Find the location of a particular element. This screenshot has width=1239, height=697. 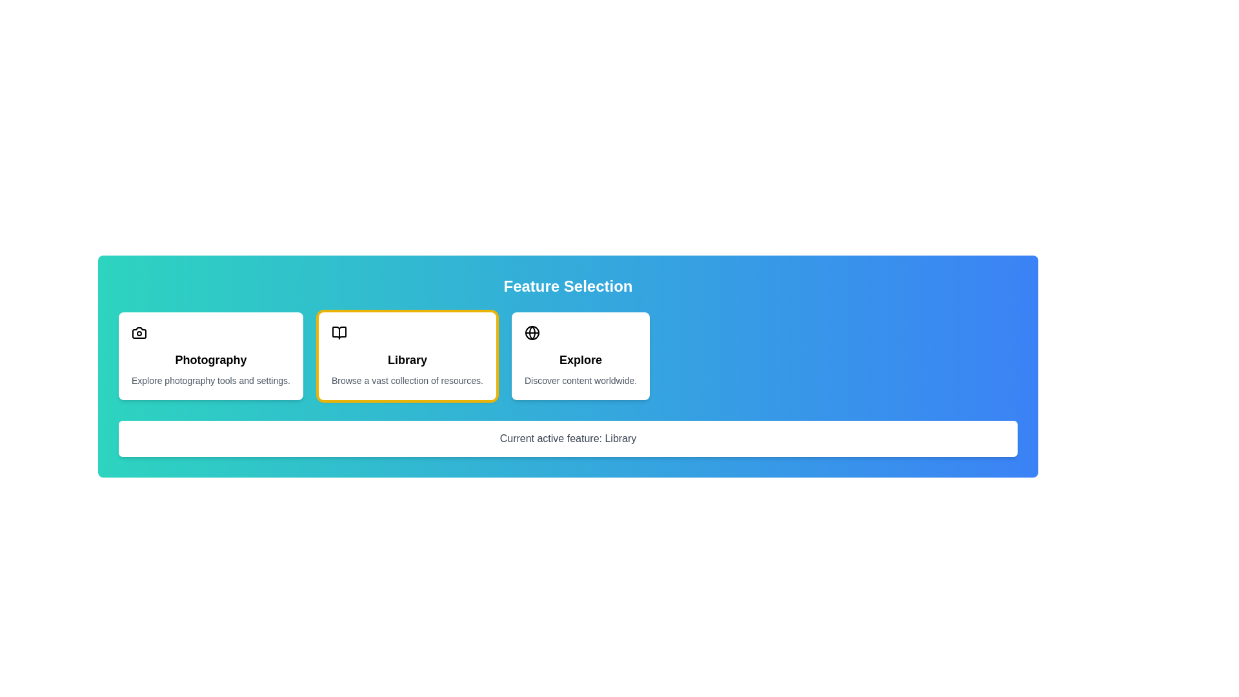

the globe icon in the top right corner of the 'Explore' card is located at coordinates (532, 332).